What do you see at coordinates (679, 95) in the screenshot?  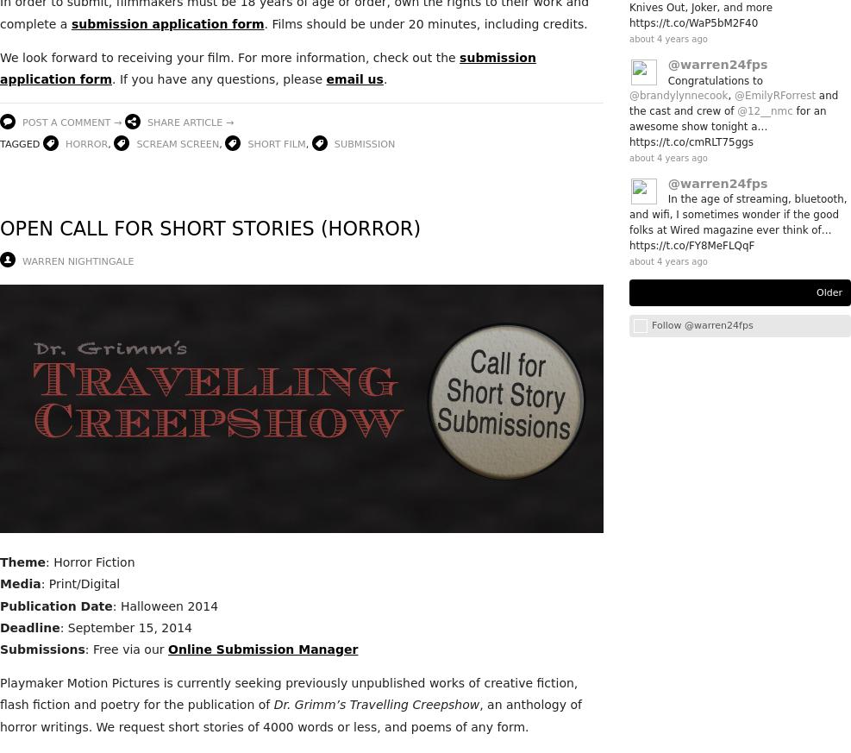 I see `'@brandylynnecook'` at bounding box center [679, 95].